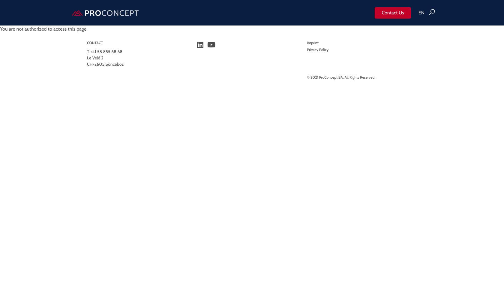 This screenshot has width=504, height=300. Describe the element at coordinates (312, 43) in the screenshot. I see `'Imprint'` at that location.